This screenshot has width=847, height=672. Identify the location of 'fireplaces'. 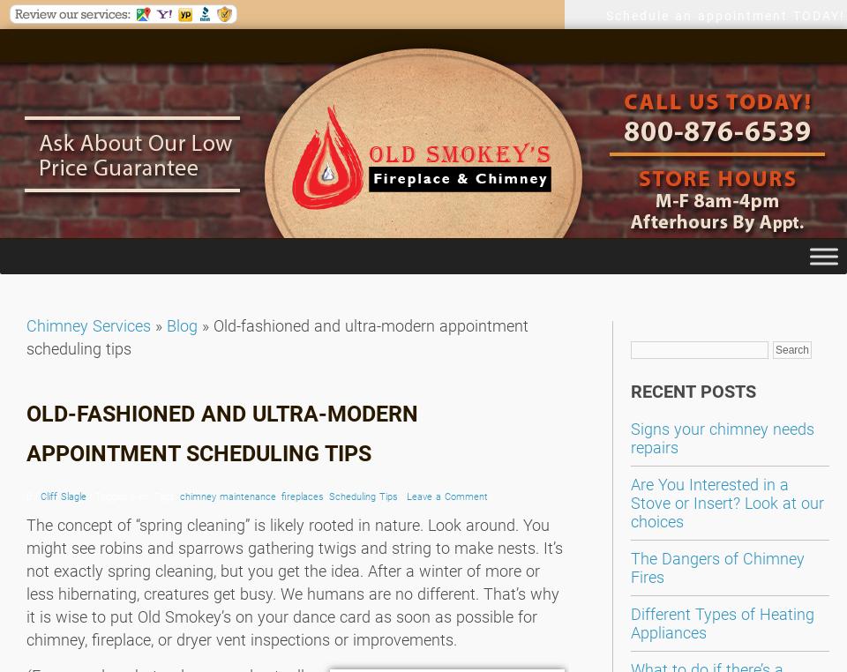
(303, 496).